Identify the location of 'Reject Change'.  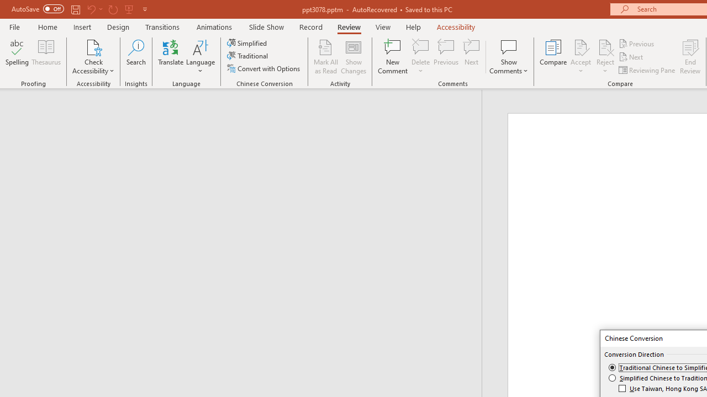
(605, 46).